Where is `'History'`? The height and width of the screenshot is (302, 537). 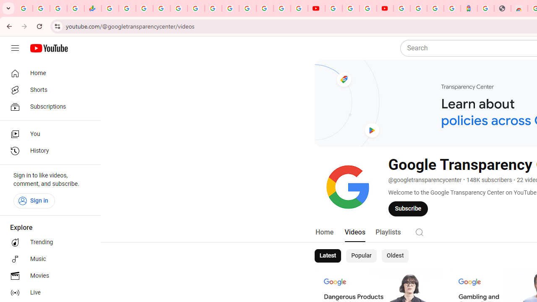 'History' is located at coordinates (47, 151).